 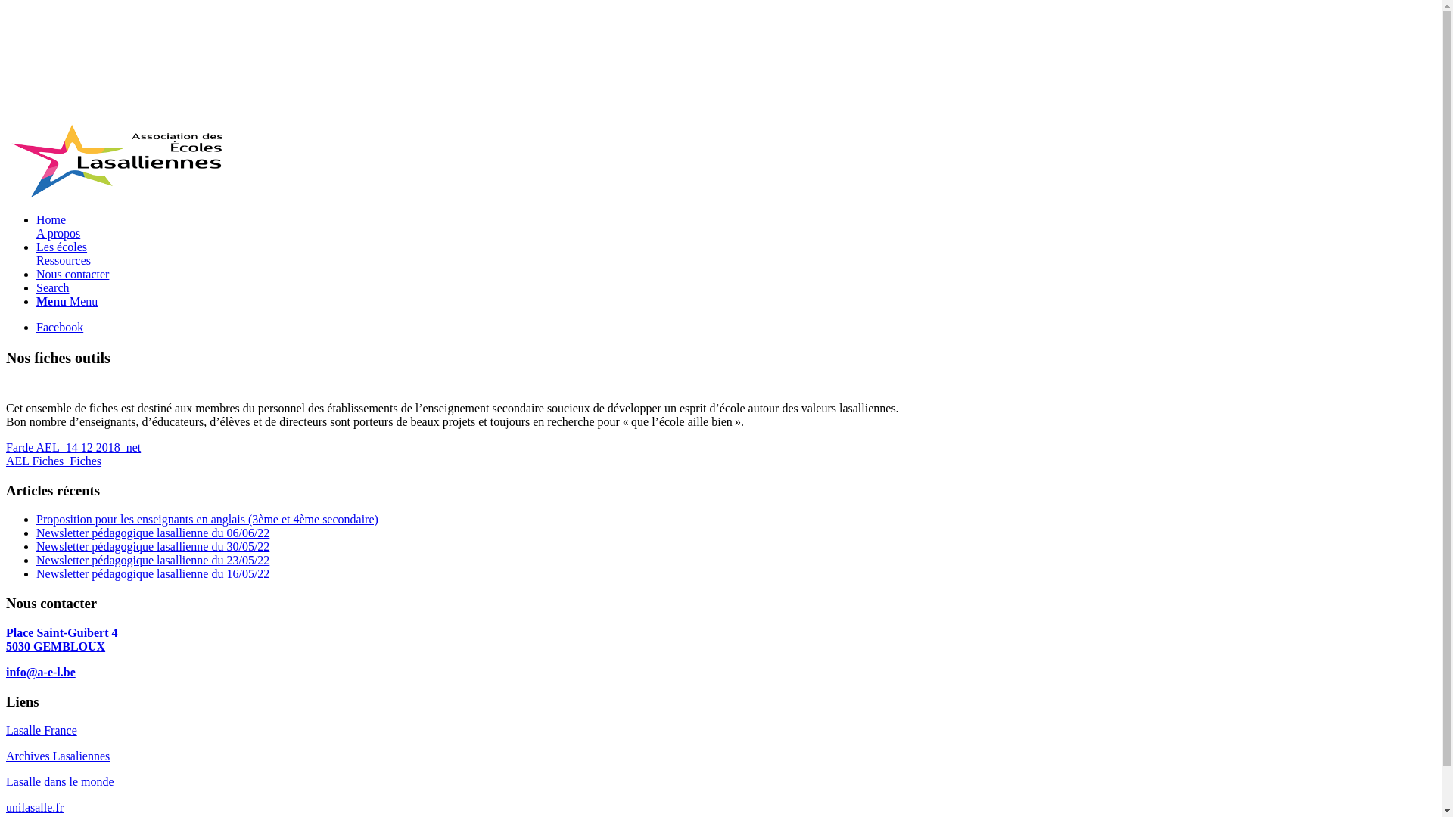 I want to click on 'Lasalle France', so click(x=41, y=729).